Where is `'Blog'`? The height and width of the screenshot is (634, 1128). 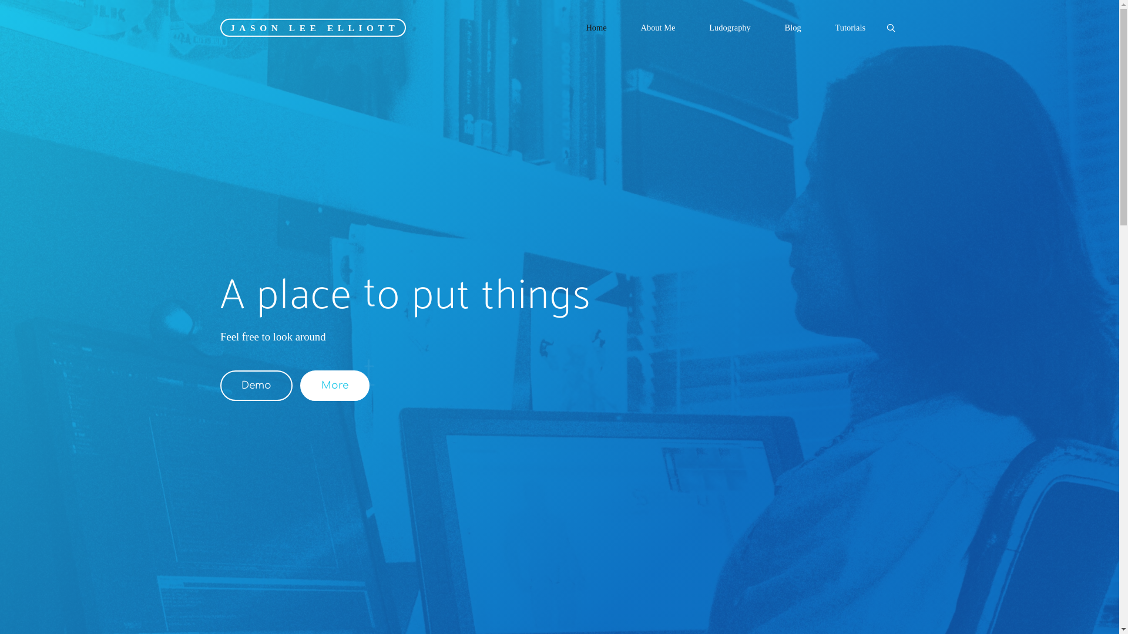 'Blog' is located at coordinates (793, 27).